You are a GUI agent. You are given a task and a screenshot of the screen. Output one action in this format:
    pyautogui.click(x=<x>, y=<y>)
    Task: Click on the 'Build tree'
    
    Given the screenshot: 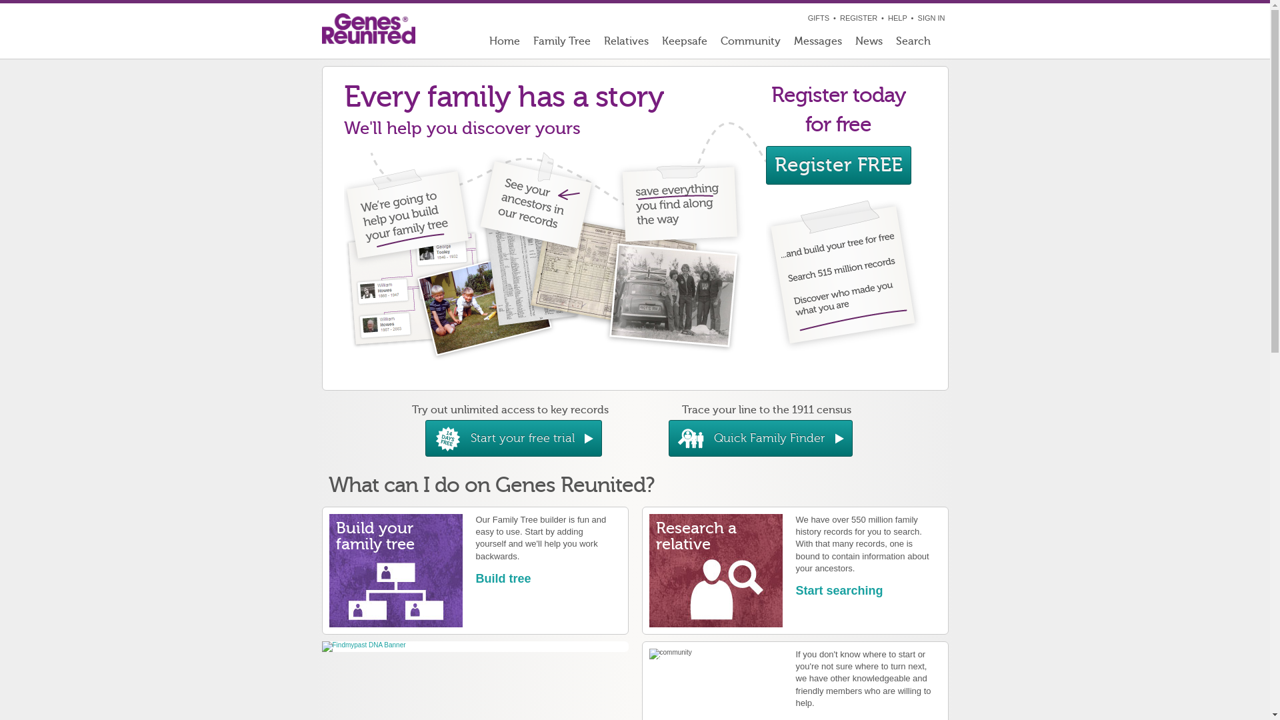 What is the action you would take?
    pyautogui.click(x=503, y=577)
    